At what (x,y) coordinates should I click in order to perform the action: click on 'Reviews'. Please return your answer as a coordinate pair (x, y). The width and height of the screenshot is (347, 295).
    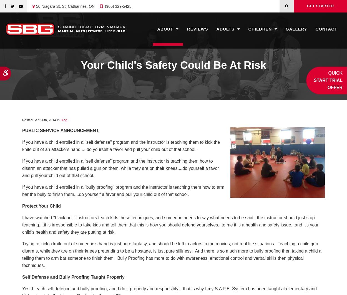
    Looking at the image, I should click on (197, 29).